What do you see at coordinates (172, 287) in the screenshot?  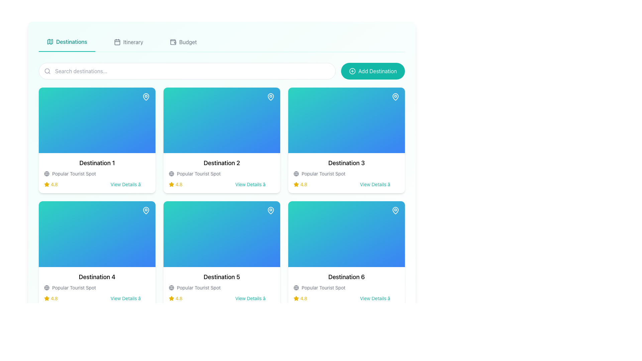 I see `the SVG circle element that serves as an icon for a globe or network, located centrally within the second card of the second row in a grid layout` at bounding box center [172, 287].